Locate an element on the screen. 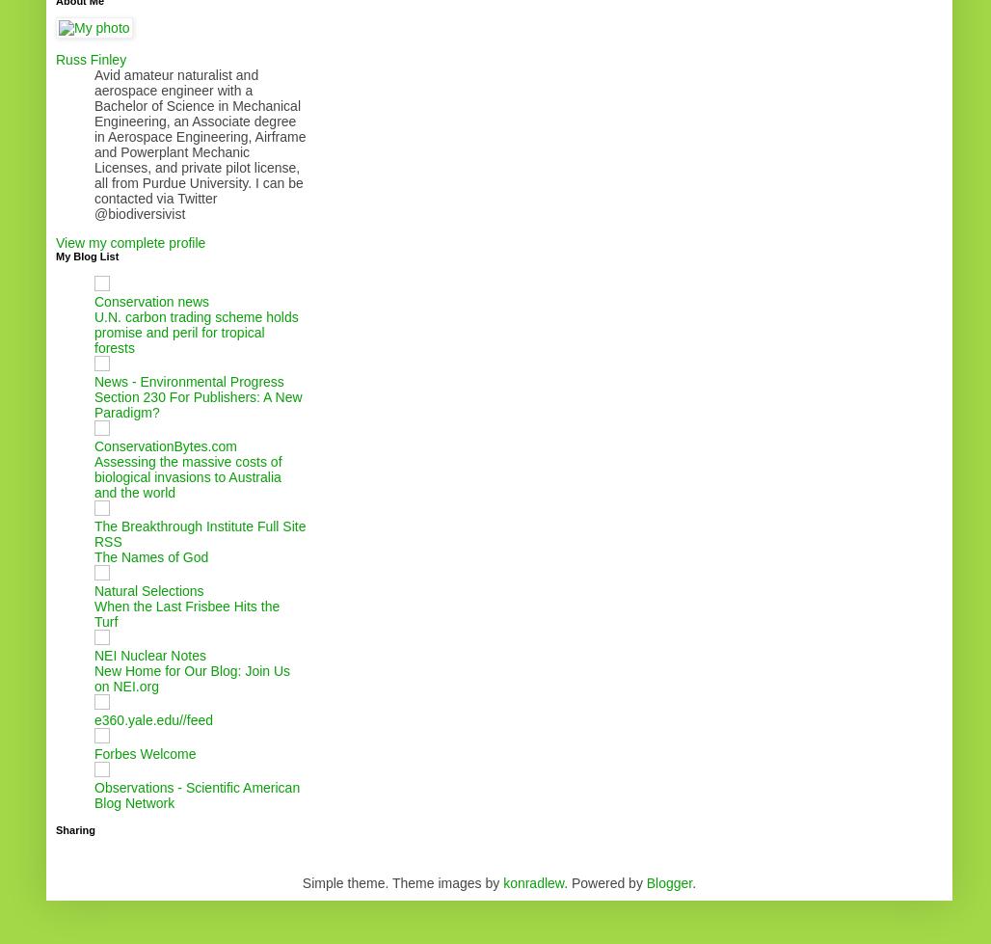 The image size is (991, 944). 'When the Last Frisbee Hits the Turf' is located at coordinates (93, 613).